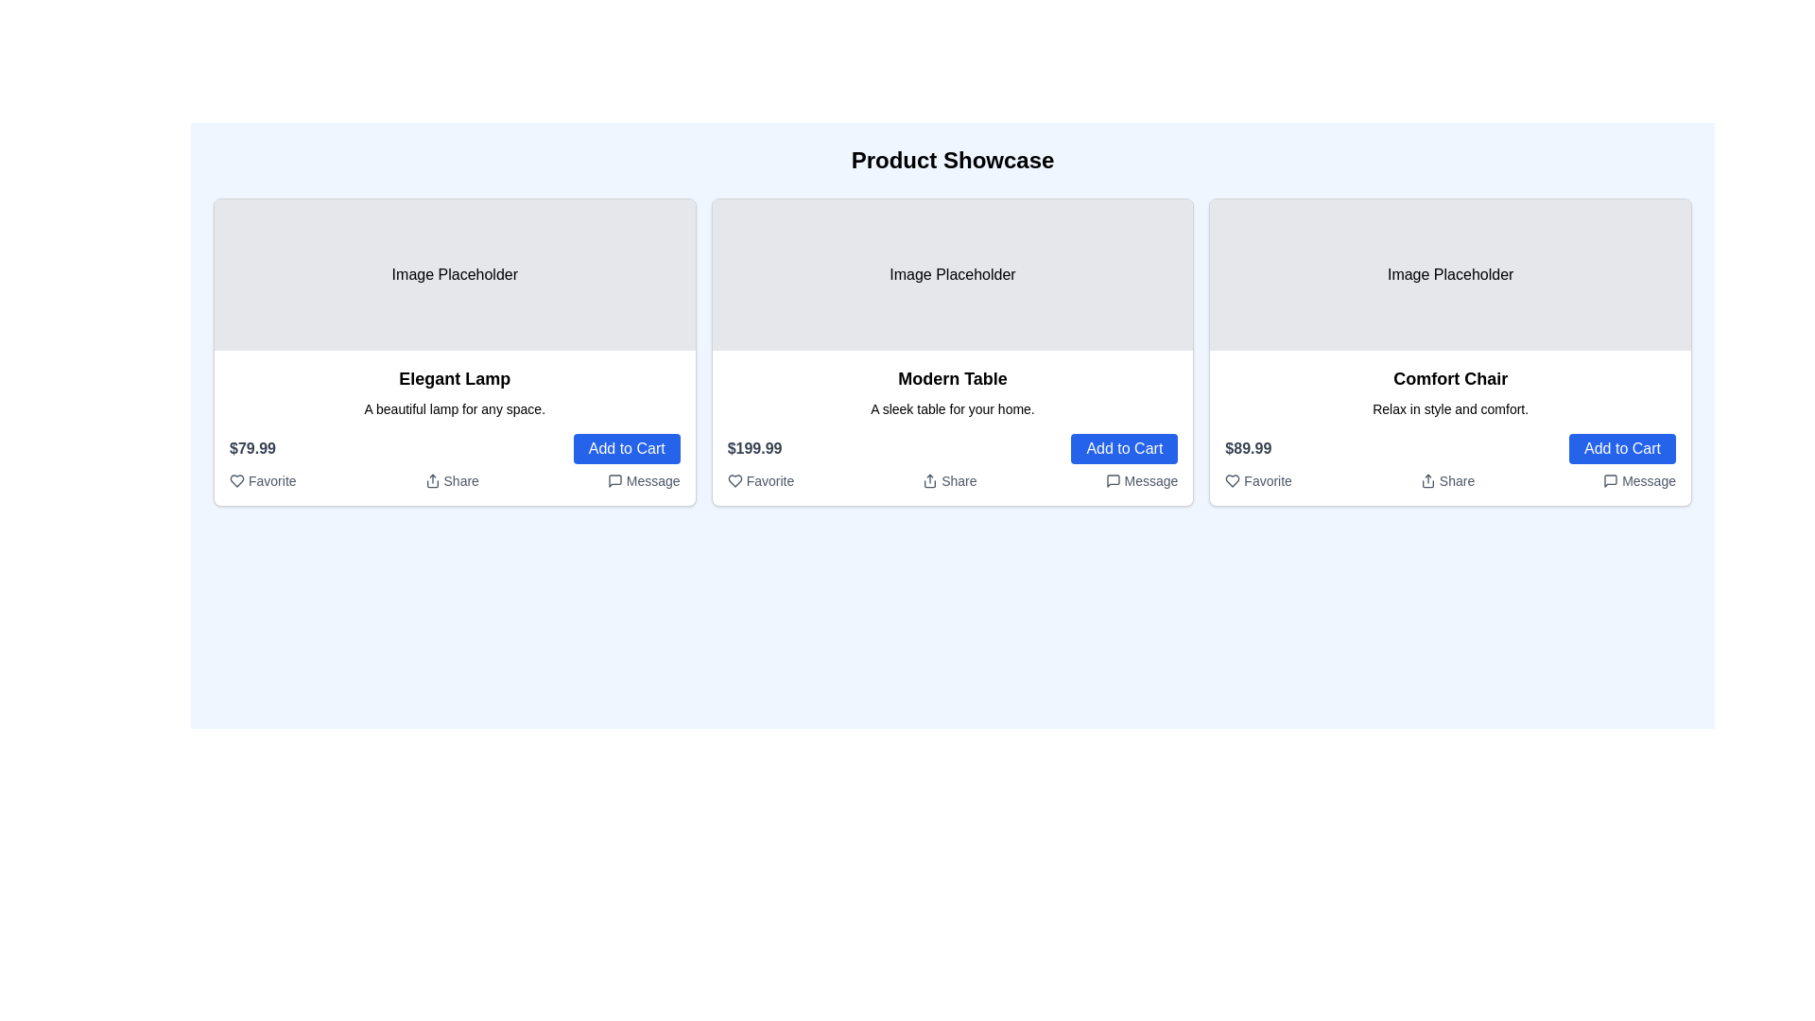 The height and width of the screenshot is (1021, 1815). I want to click on the 'Add to Cart' button, which is styled with a blue background and white text, located to the right of the '$199.99' price in the 'Modern Table' product card, so click(1124, 448).